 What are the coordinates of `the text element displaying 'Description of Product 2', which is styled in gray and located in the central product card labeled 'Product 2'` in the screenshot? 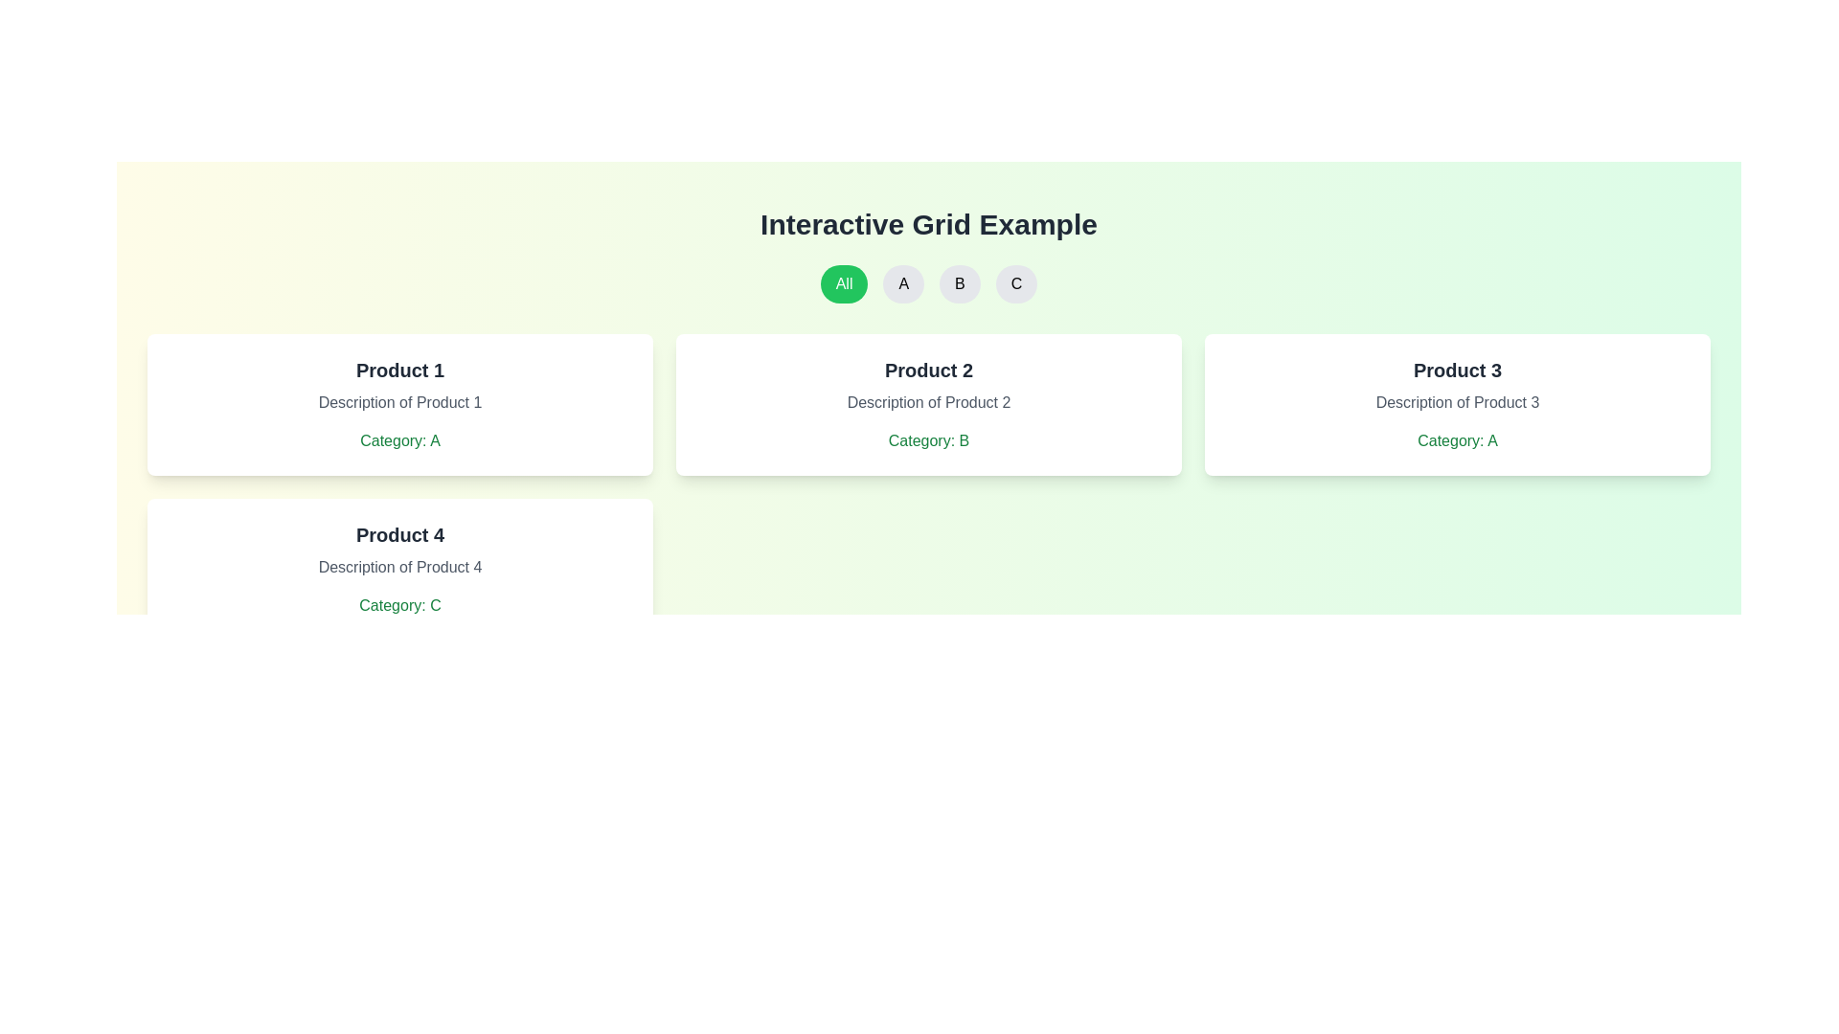 It's located at (928, 401).